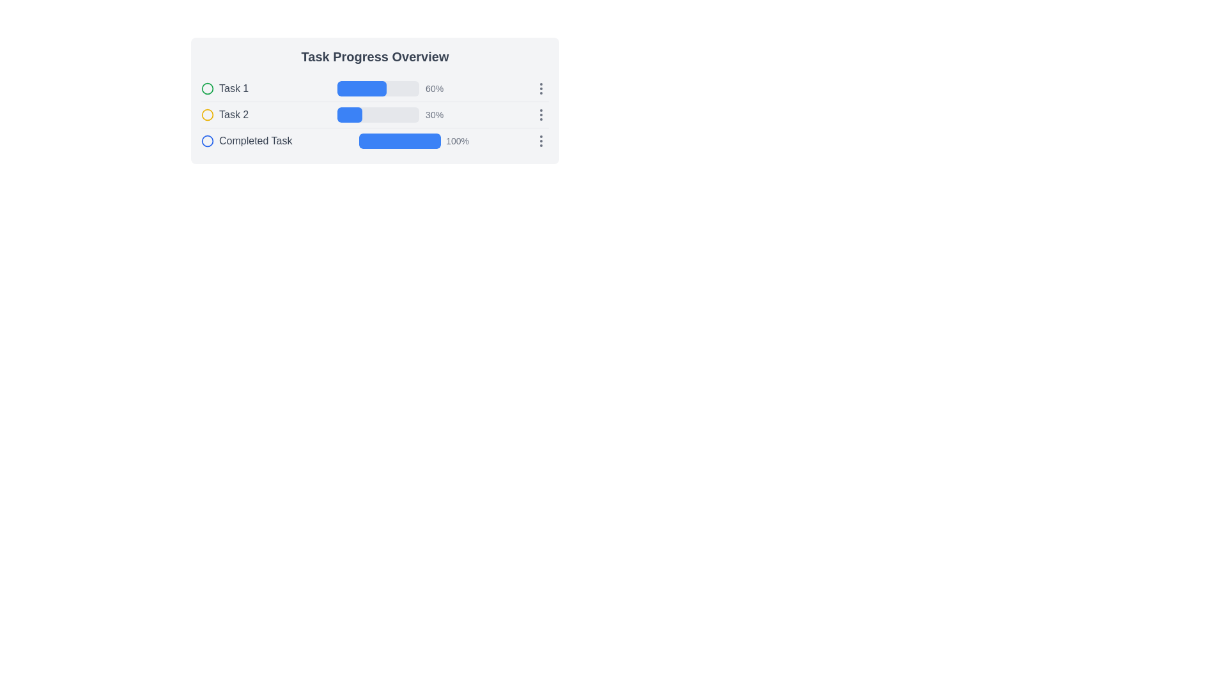 The height and width of the screenshot is (690, 1227). What do you see at coordinates (247, 141) in the screenshot?
I see `the label displaying 'Completed Task' next to a blue-bordered circle icon, which is positioned in the third row of a task progress list` at bounding box center [247, 141].